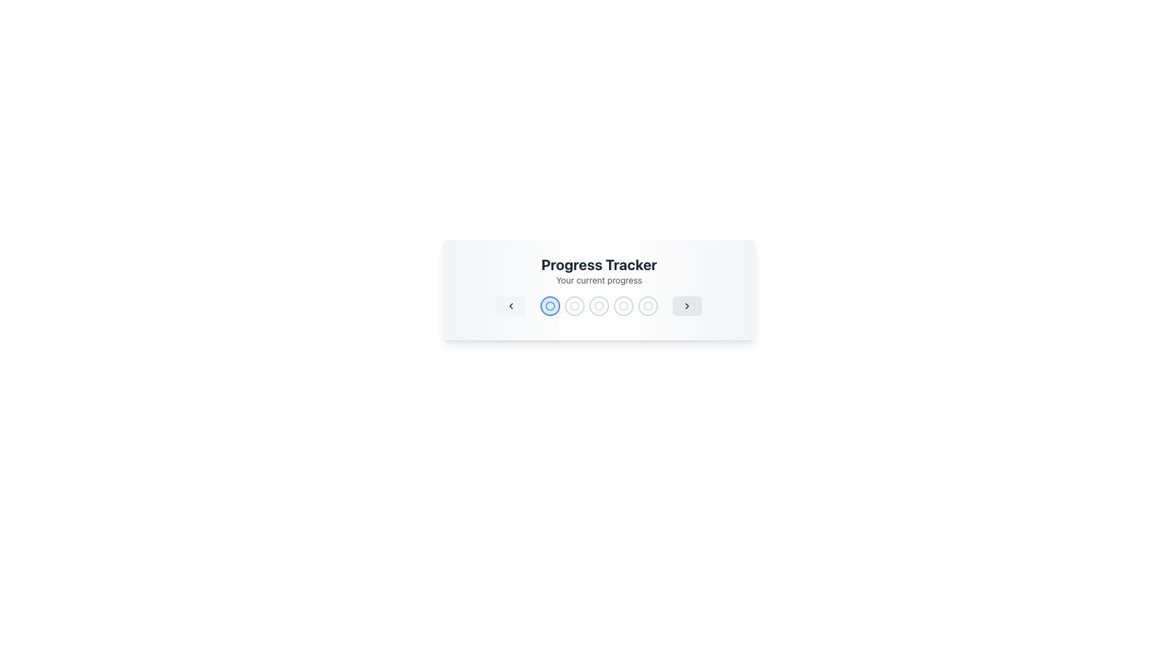  I want to click on the third clickable circle in the 'Progress Tracker - Your current progress', so click(599, 306).